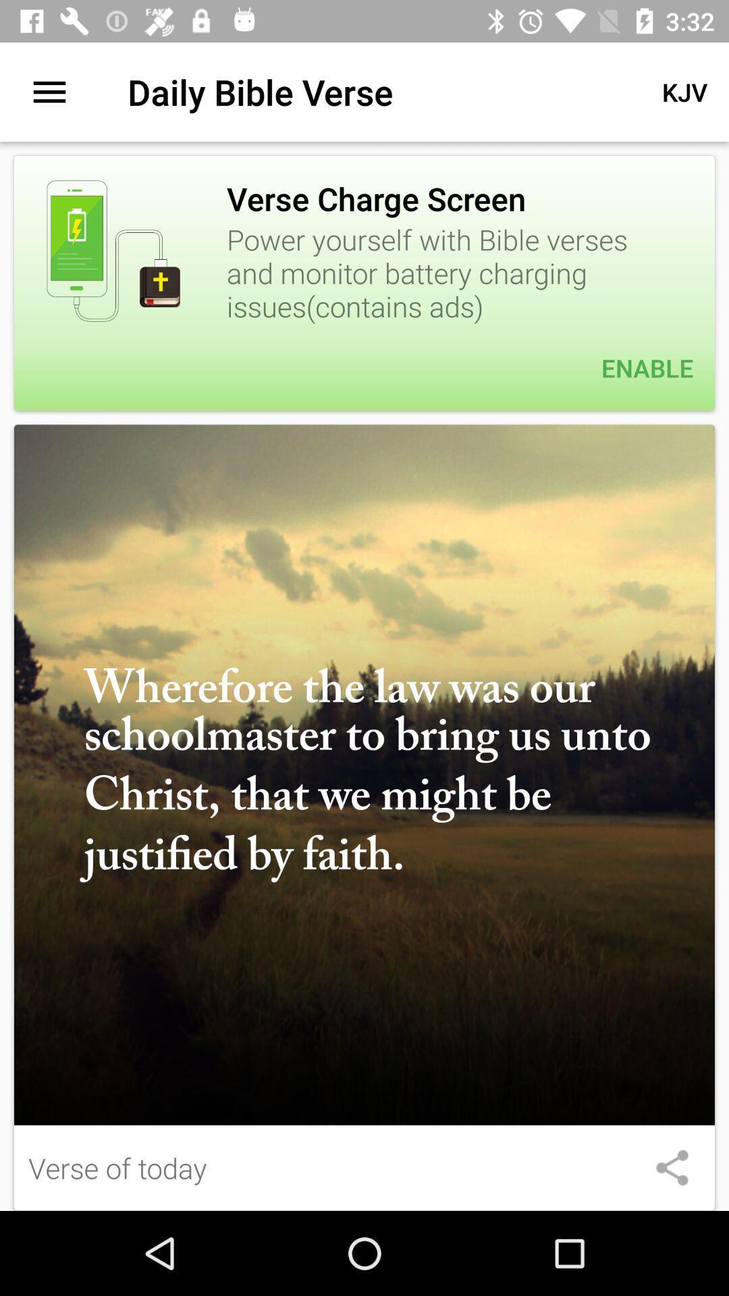  What do you see at coordinates (684, 91) in the screenshot?
I see `the icon at the top right corner` at bounding box center [684, 91].